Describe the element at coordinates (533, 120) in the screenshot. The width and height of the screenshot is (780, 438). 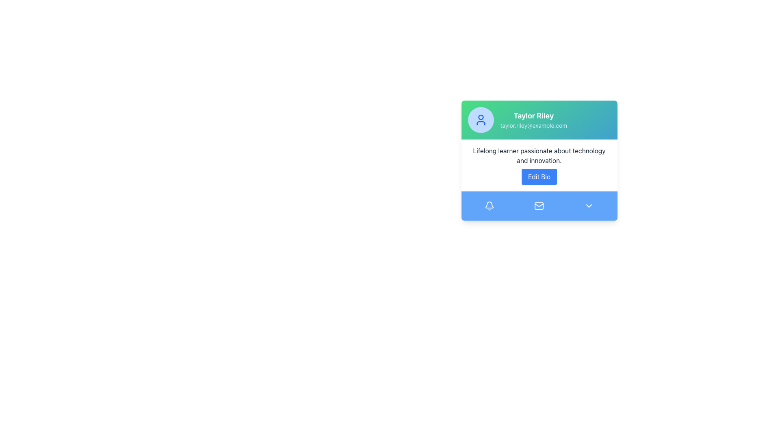
I see `the email address displayed in the user information text block to copy it` at that location.